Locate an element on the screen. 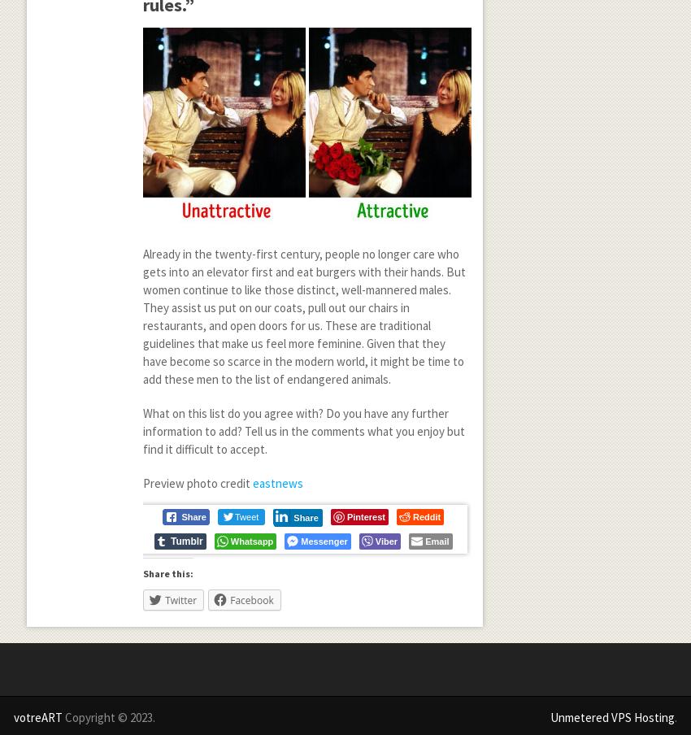 This screenshot has width=691, height=735. 'Facebook' is located at coordinates (251, 600).